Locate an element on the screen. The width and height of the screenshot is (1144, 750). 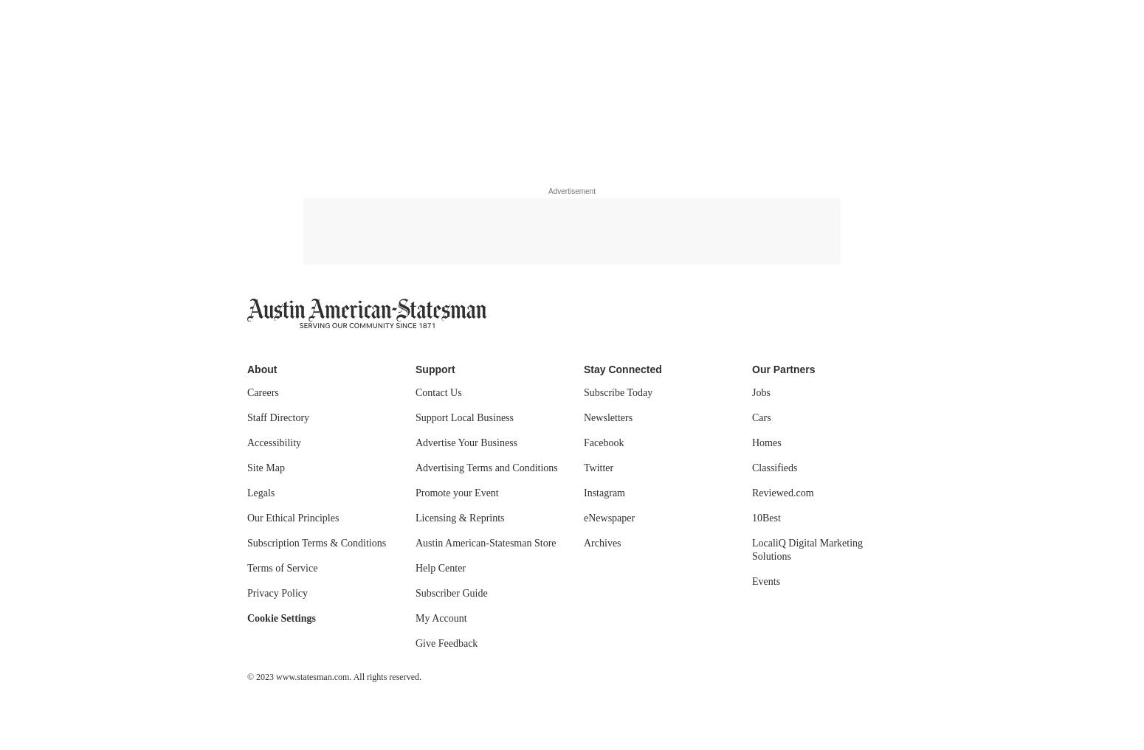
'Classifieds' is located at coordinates (774, 468).